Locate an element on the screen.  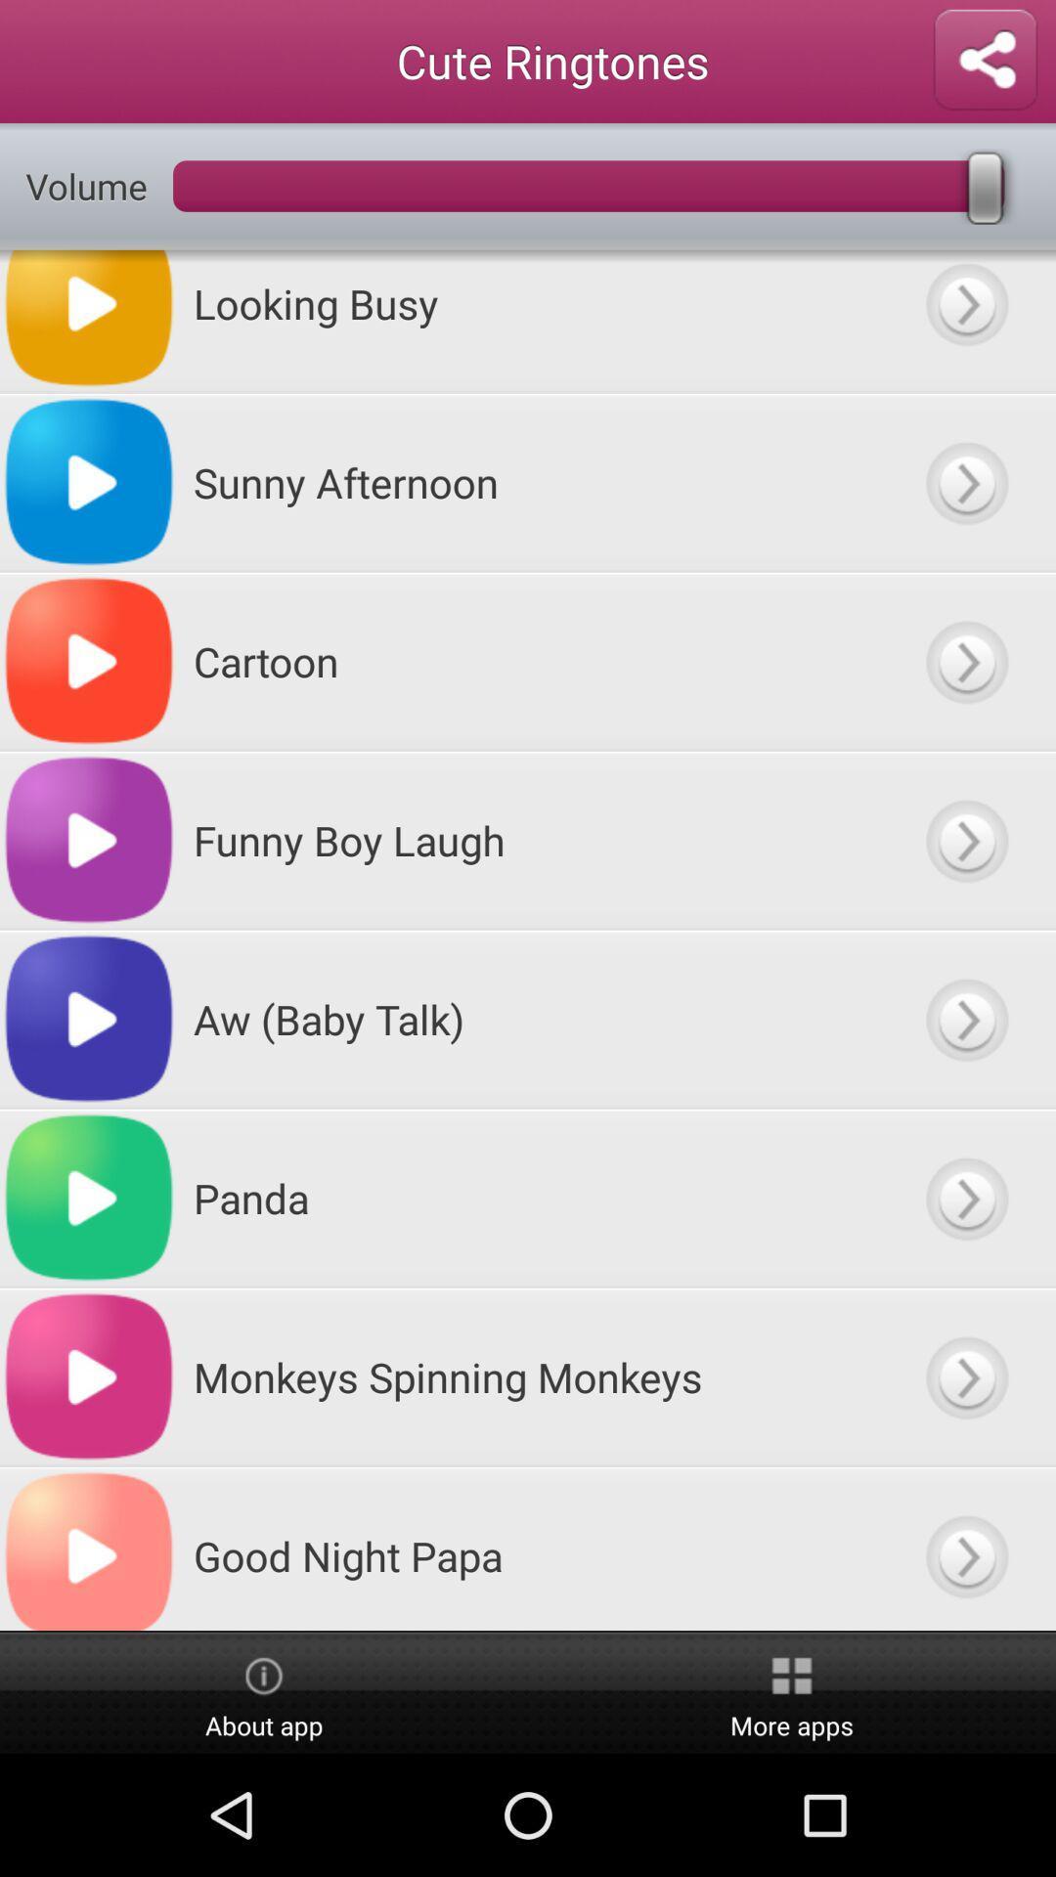
panda is located at coordinates (965, 1197).